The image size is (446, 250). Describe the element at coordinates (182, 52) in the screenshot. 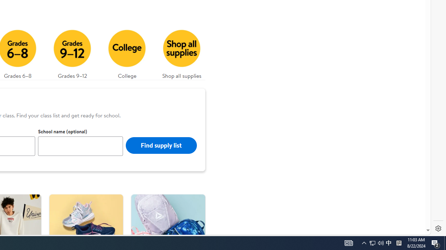

I see `'Shop all supplies'` at that location.